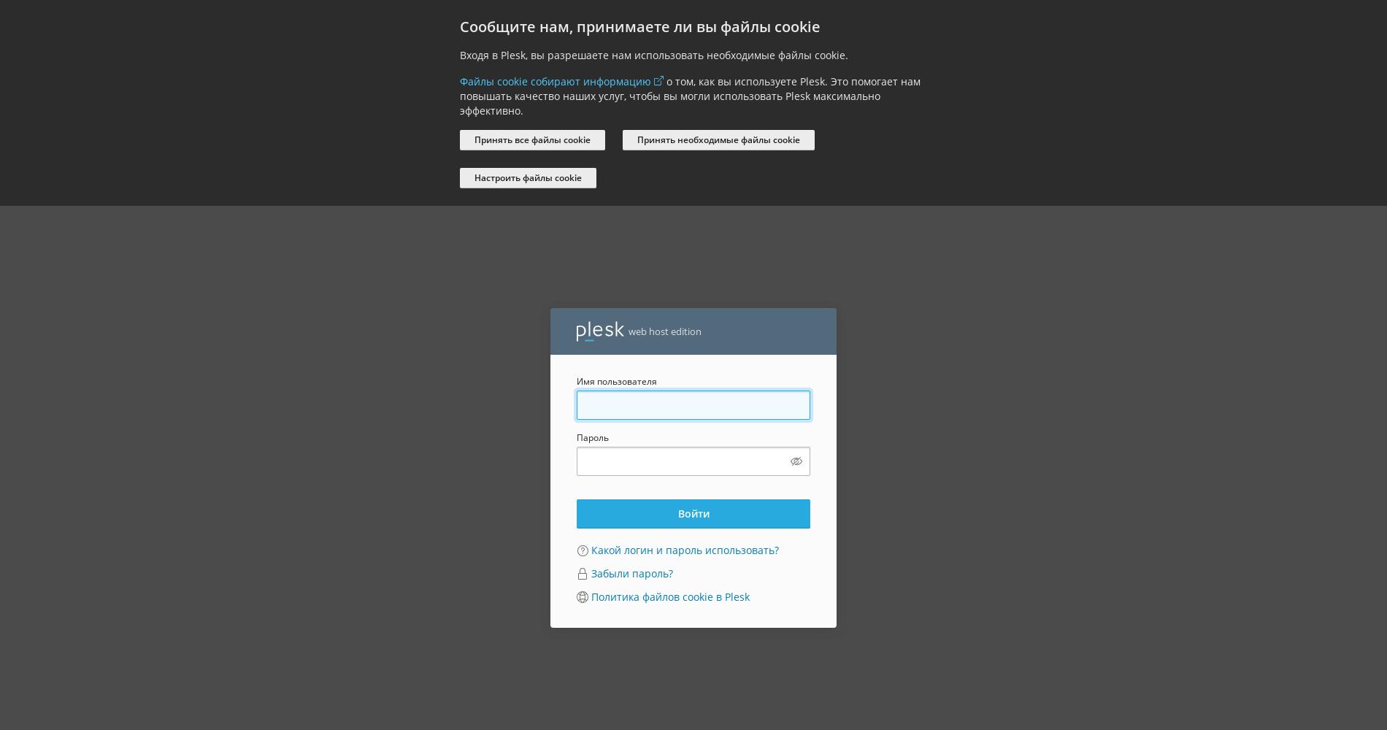 Image resolution: width=1387 pixels, height=730 pixels. What do you see at coordinates (554, 80) in the screenshot?
I see `'Файлы cookie собирают информацию'` at bounding box center [554, 80].